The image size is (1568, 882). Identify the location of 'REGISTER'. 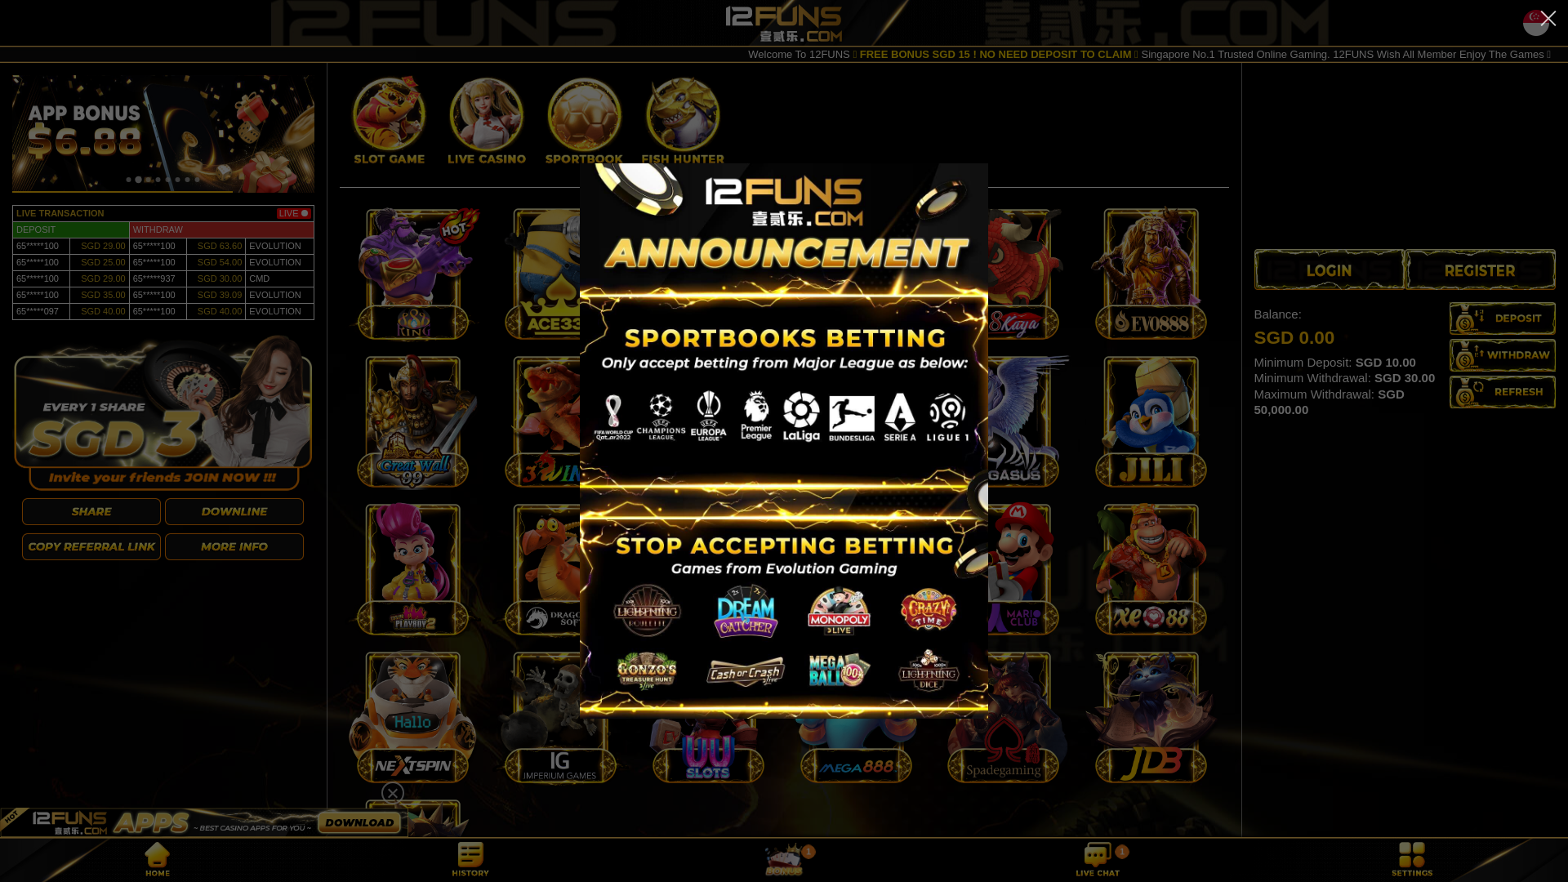
(1480, 269).